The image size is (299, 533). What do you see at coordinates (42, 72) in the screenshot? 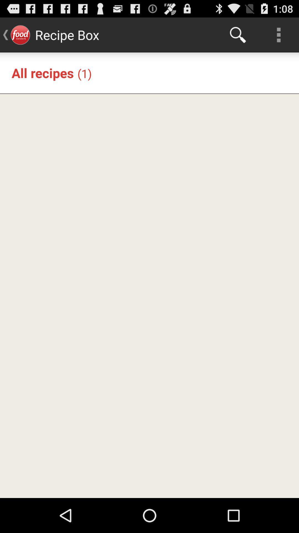
I see `app next to (1) item` at bounding box center [42, 72].